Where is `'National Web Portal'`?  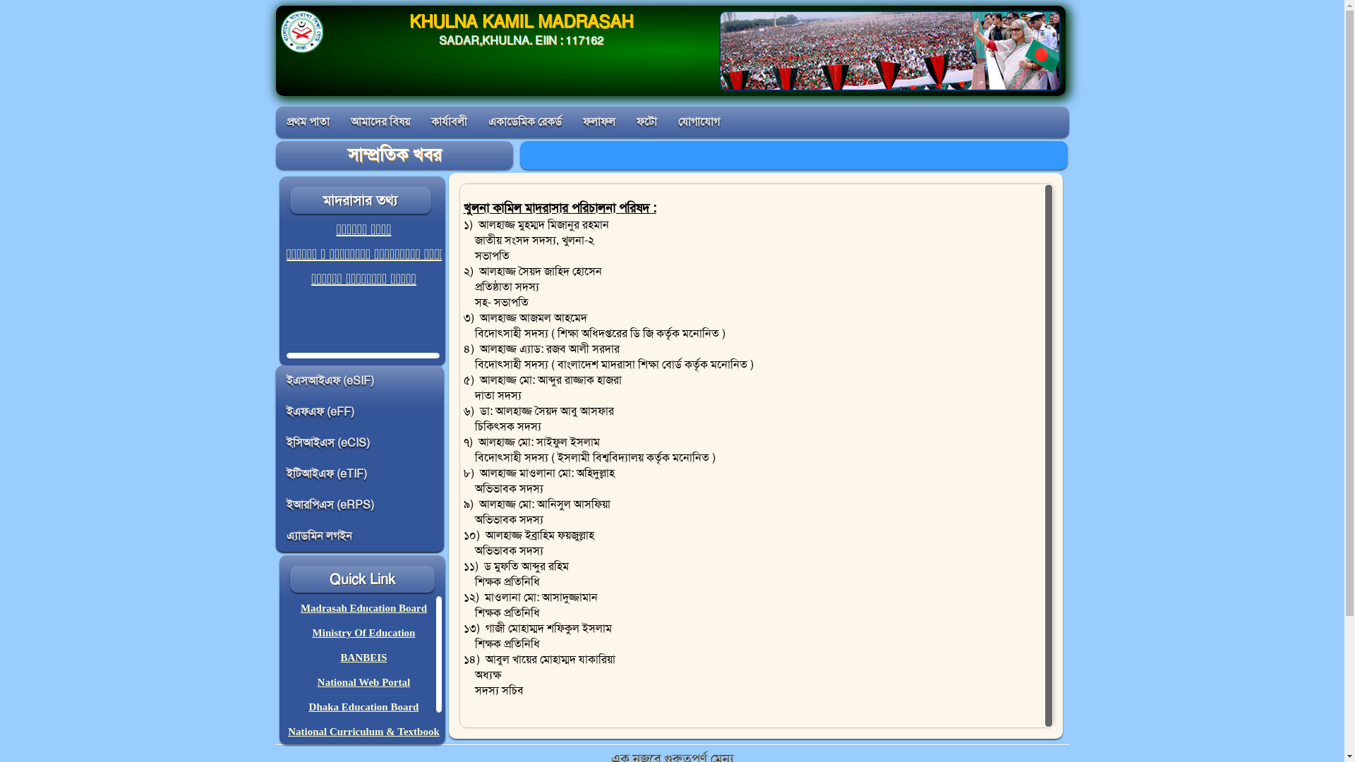 'National Web Portal' is located at coordinates (363, 682).